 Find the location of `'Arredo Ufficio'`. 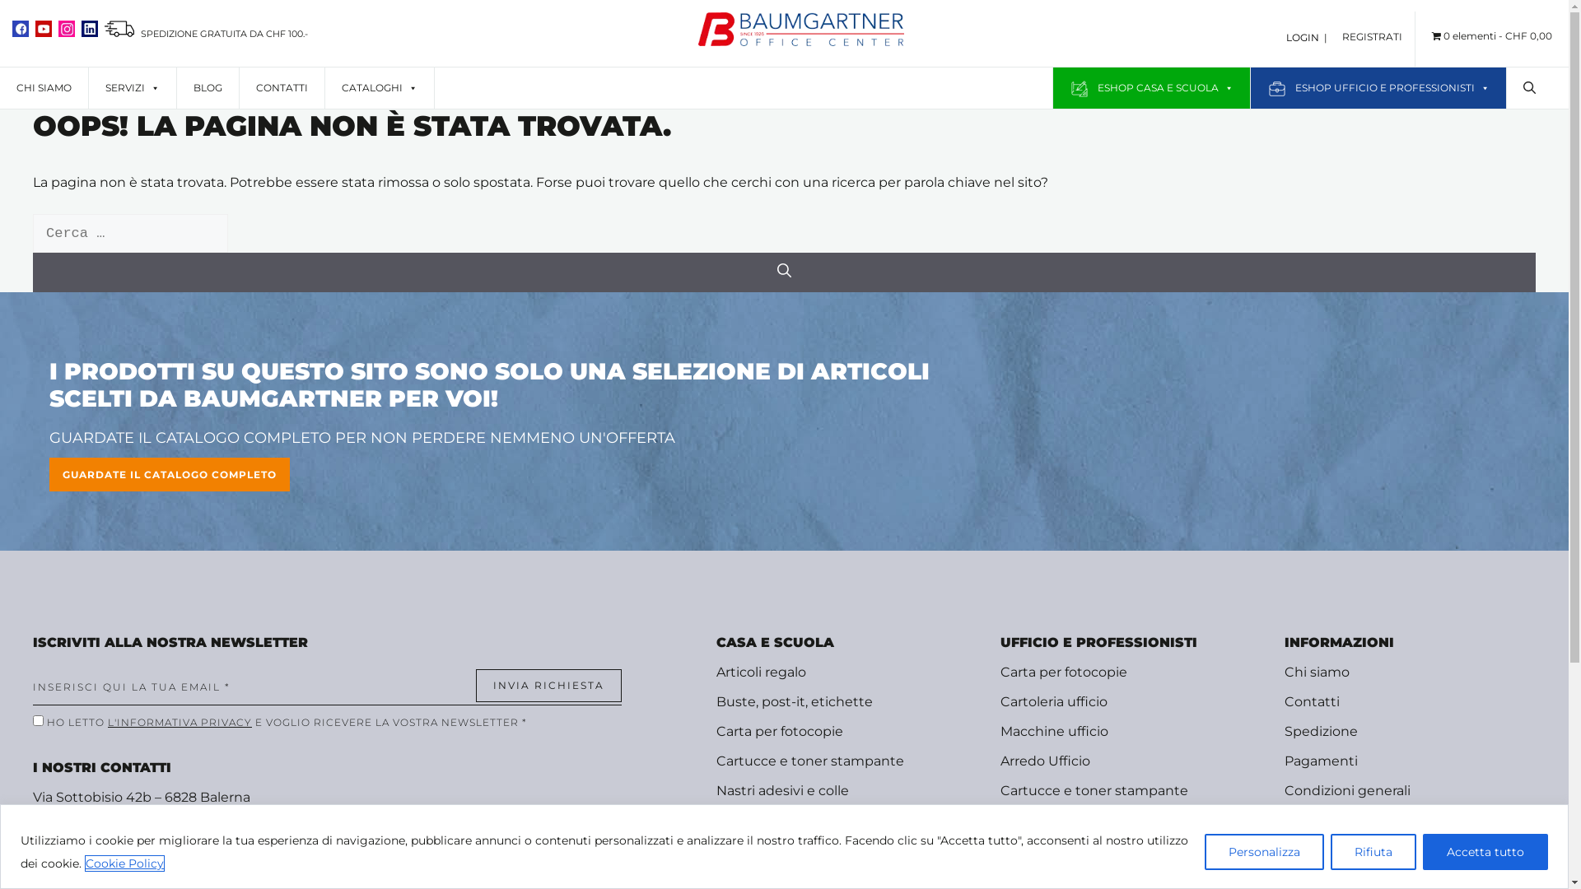

'Arredo Ufficio' is located at coordinates (1044, 761).